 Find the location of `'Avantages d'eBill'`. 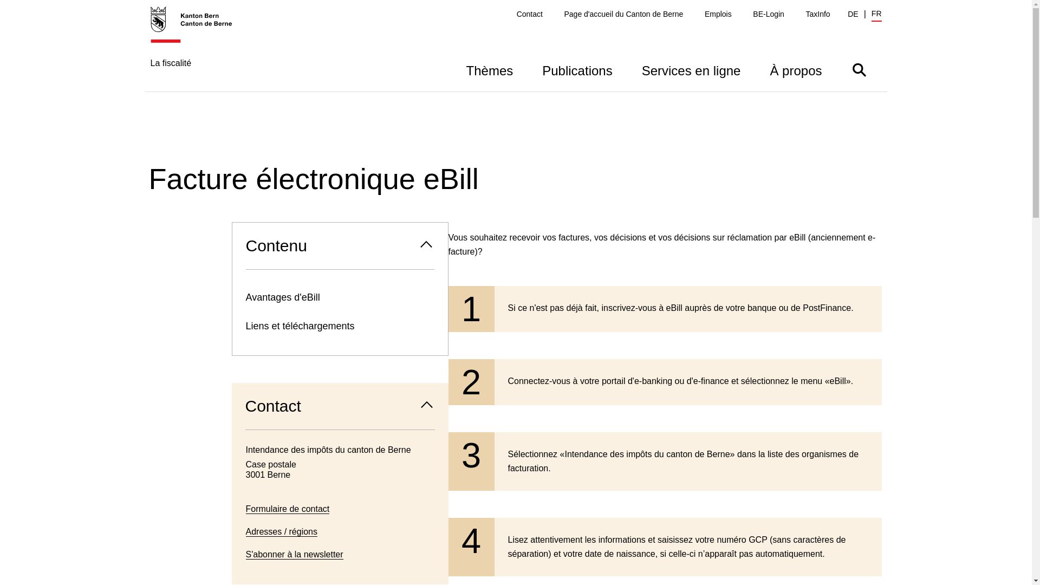

'Avantages d'eBill' is located at coordinates (339, 297).